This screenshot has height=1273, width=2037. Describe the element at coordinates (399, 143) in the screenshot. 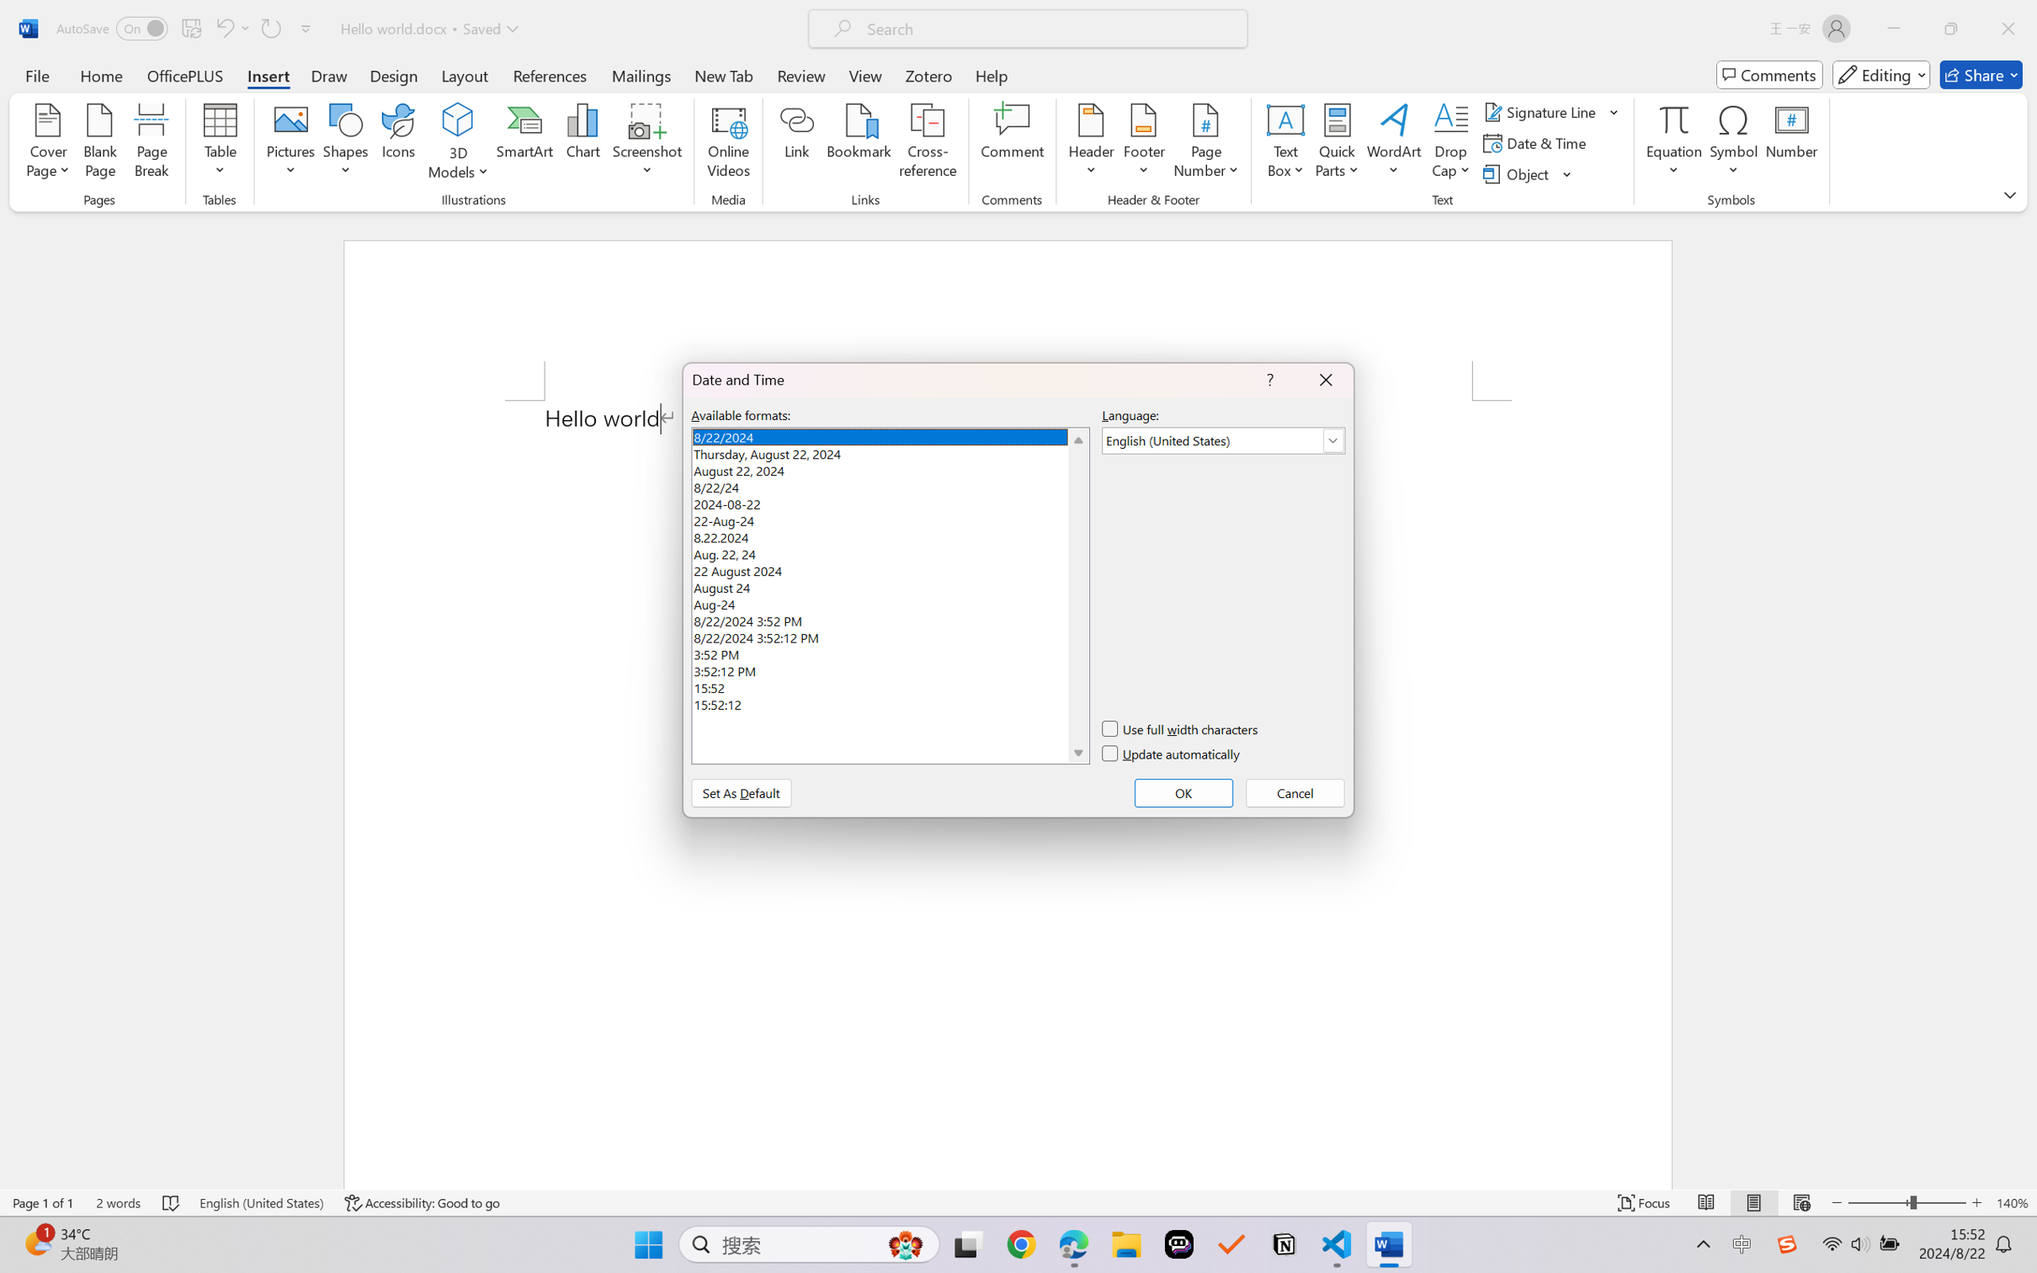

I see `'Icons'` at that location.